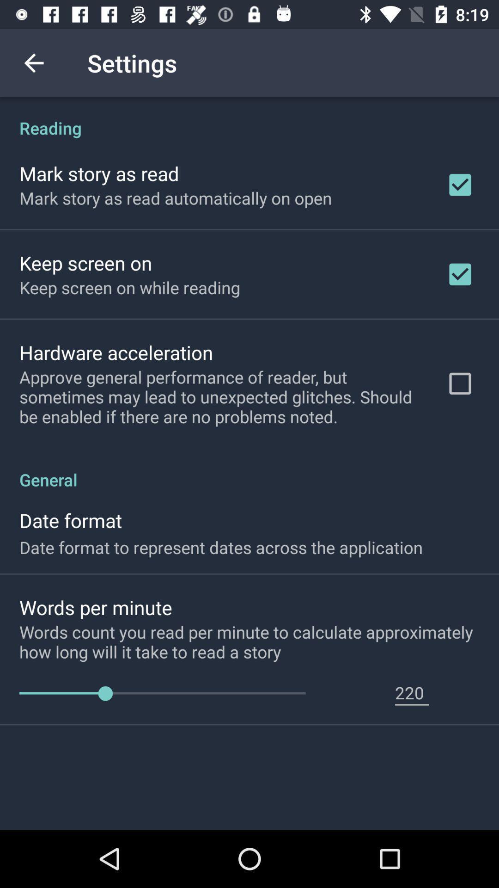 The width and height of the screenshot is (499, 888). What do you see at coordinates (220, 397) in the screenshot?
I see `item above general icon` at bounding box center [220, 397].